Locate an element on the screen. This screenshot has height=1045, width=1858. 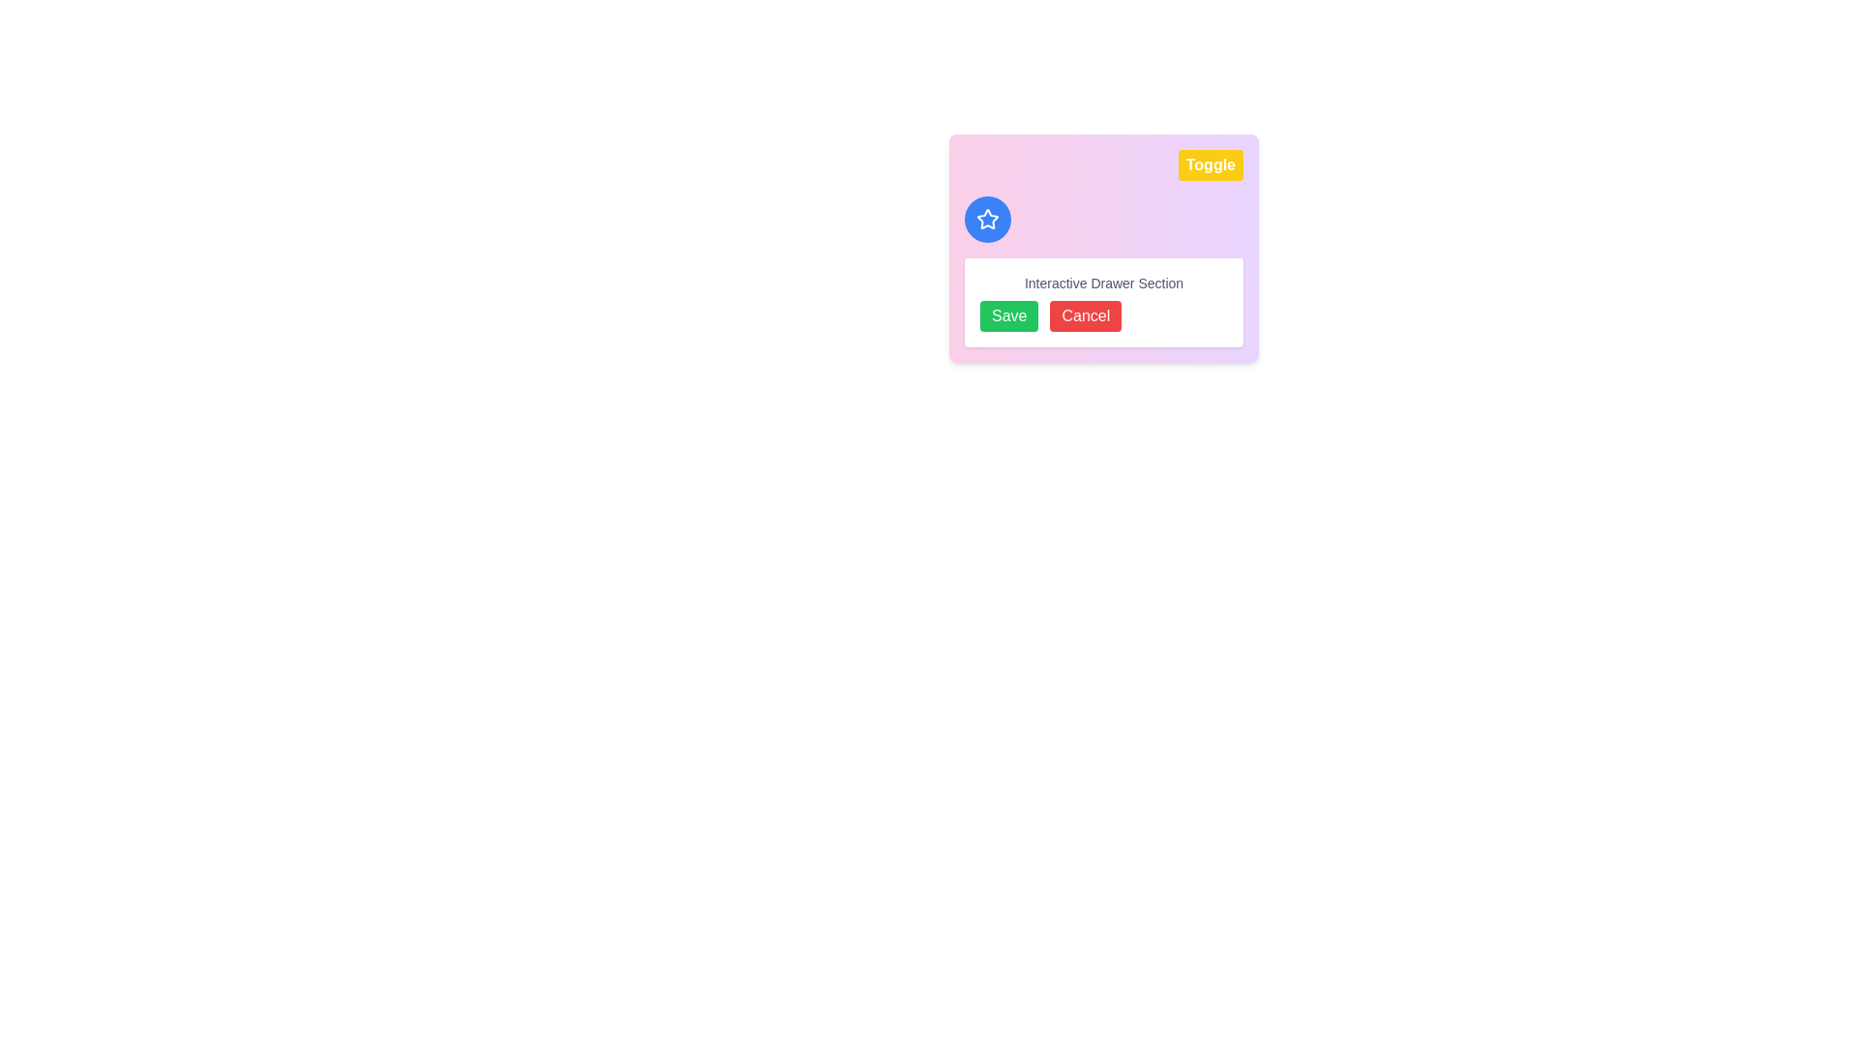
the vibrant yellow 'Toggle' button with white text that has bold, rounded edges to observe its hover effect is located at coordinates (1210, 164).